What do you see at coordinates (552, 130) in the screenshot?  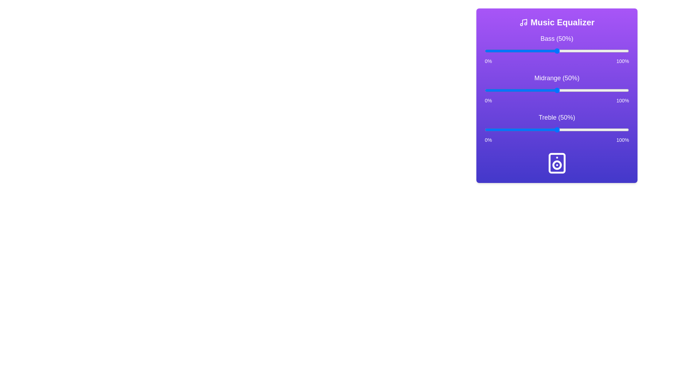 I see `the treble slider to 47%` at bounding box center [552, 130].